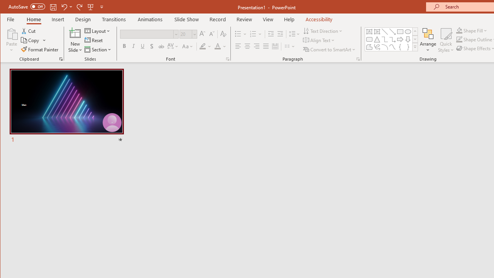 The width and height of the screenshot is (494, 278). Describe the element at coordinates (161, 46) in the screenshot. I see `'Strikethrough'` at that location.